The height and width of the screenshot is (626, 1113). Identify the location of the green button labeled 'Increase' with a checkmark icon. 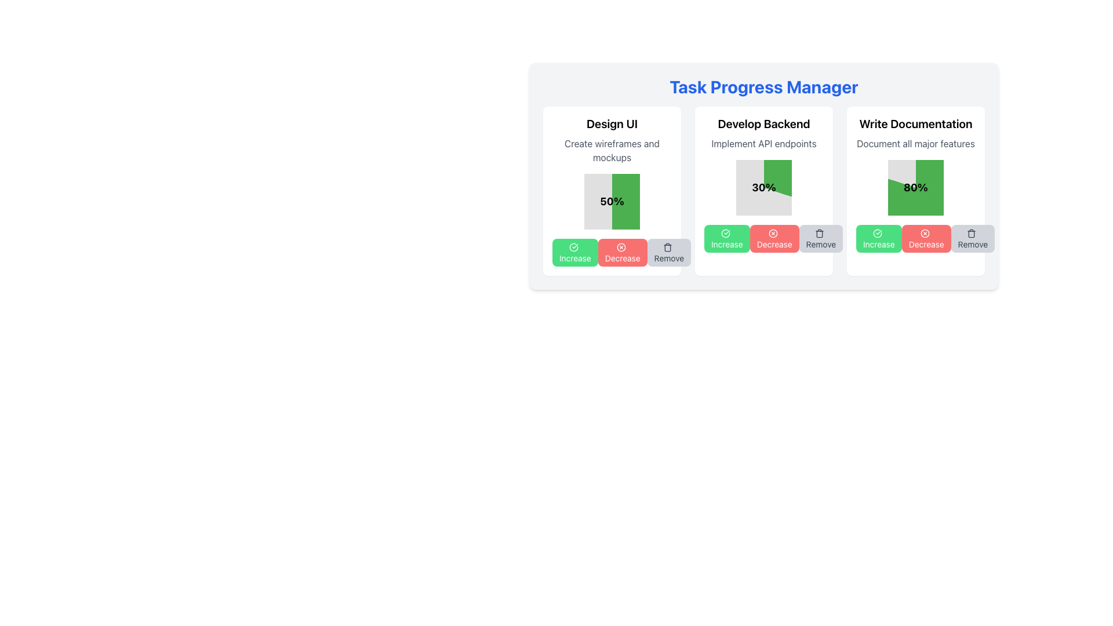
(575, 252).